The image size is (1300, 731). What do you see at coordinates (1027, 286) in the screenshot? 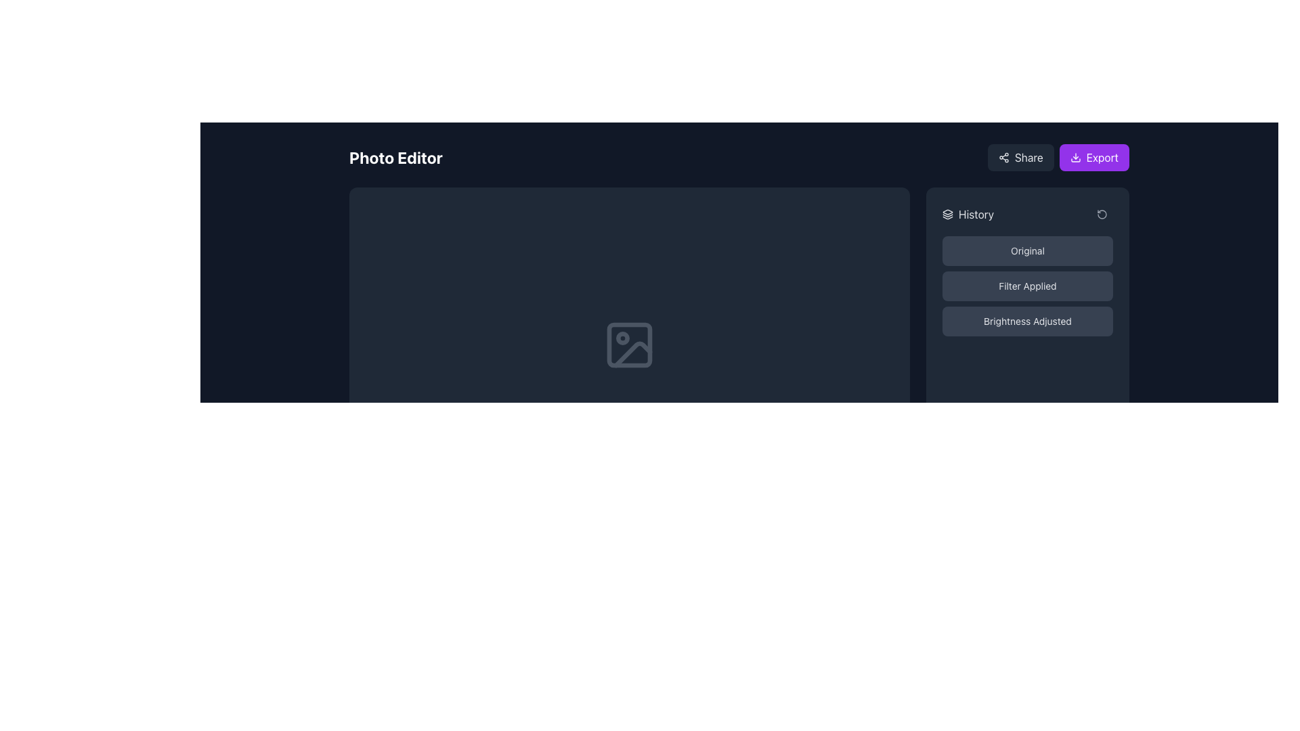
I see `the 'Filter Applied' button in the History panel of the photo editor interface, which is the second button in a vertical list of three buttons` at bounding box center [1027, 286].